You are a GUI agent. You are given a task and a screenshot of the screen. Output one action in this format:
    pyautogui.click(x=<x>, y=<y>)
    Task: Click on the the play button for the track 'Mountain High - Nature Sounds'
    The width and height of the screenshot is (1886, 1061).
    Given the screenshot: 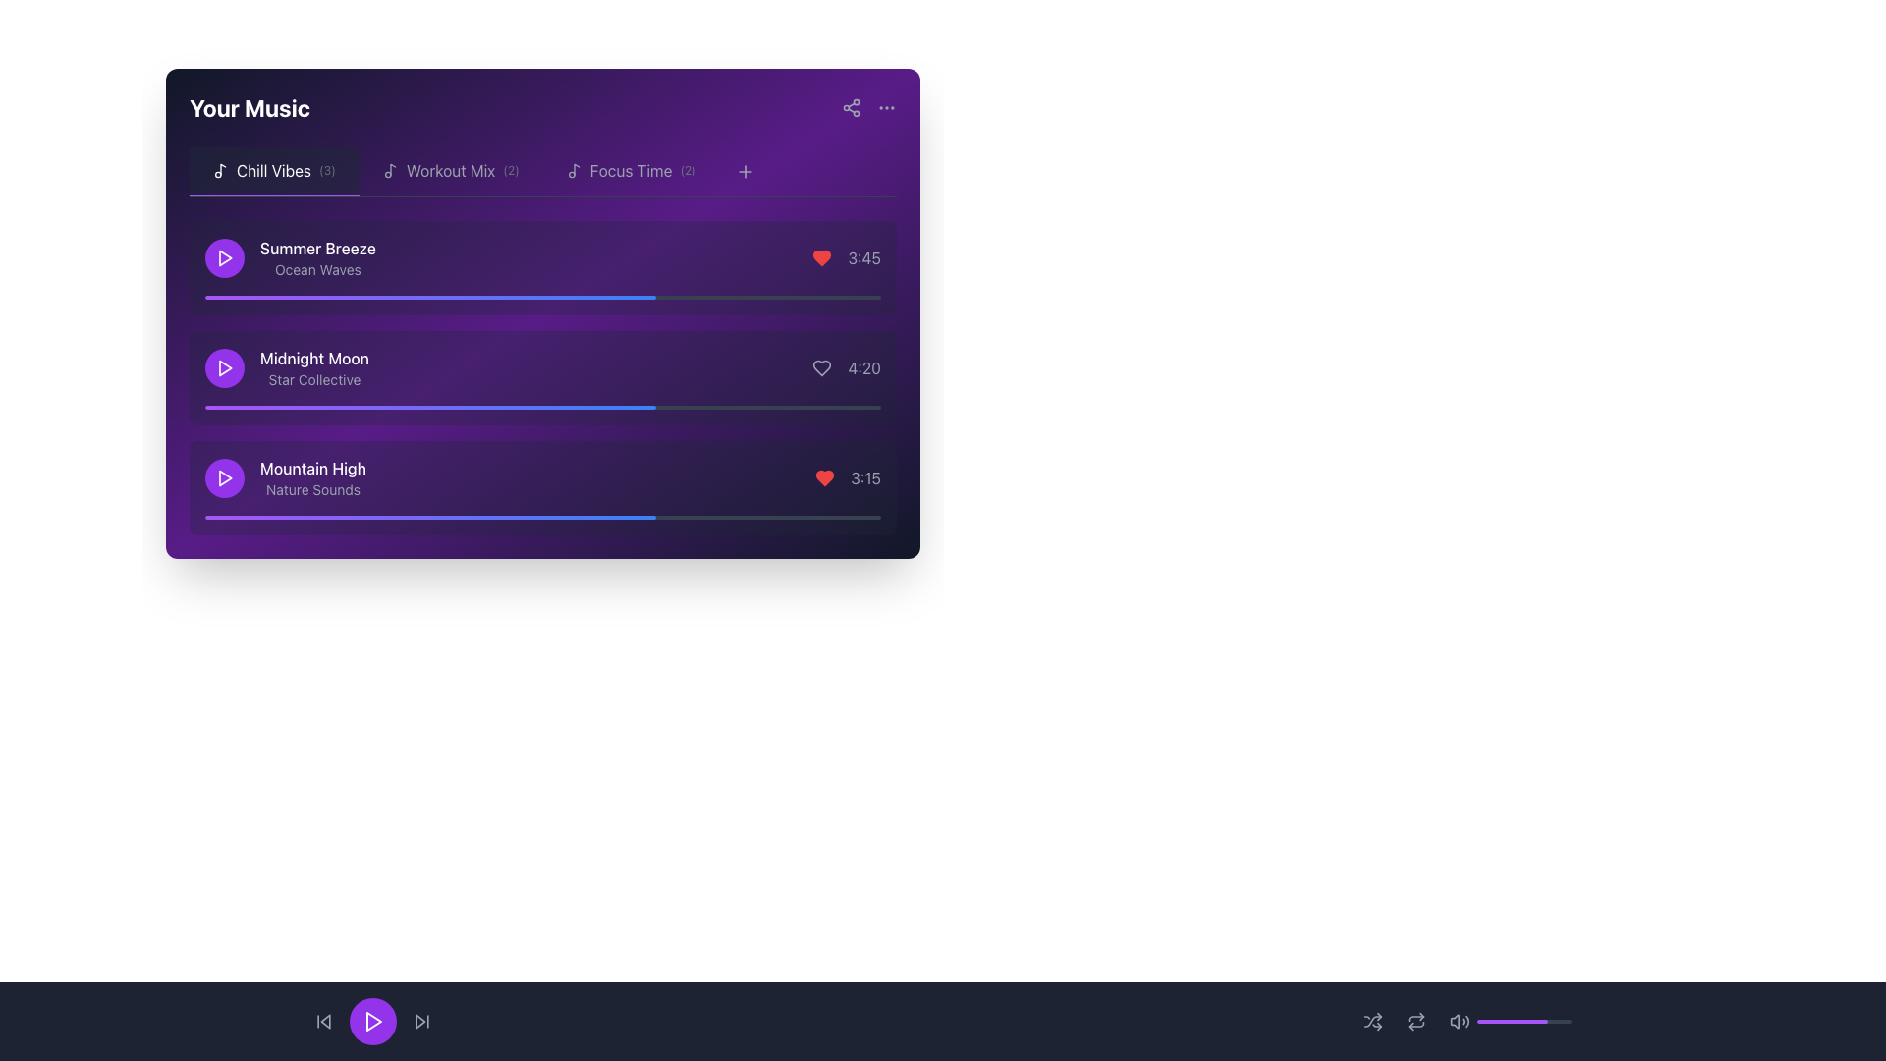 What is the action you would take?
    pyautogui.click(x=225, y=477)
    